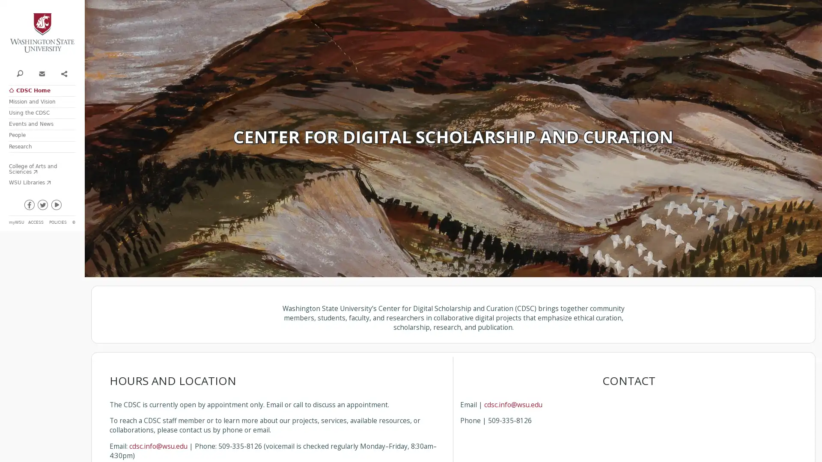  What do you see at coordinates (41, 72) in the screenshot?
I see `Contact` at bounding box center [41, 72].